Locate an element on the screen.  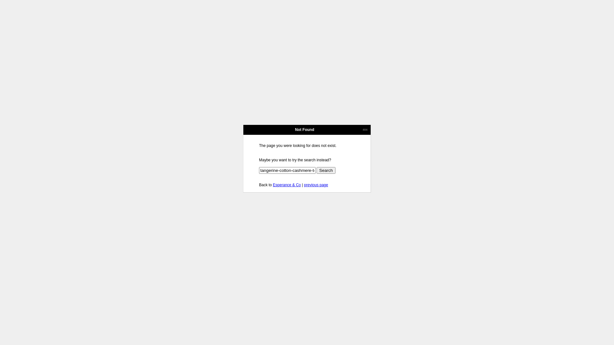
'previous page' is located at coordinates (316, 185).